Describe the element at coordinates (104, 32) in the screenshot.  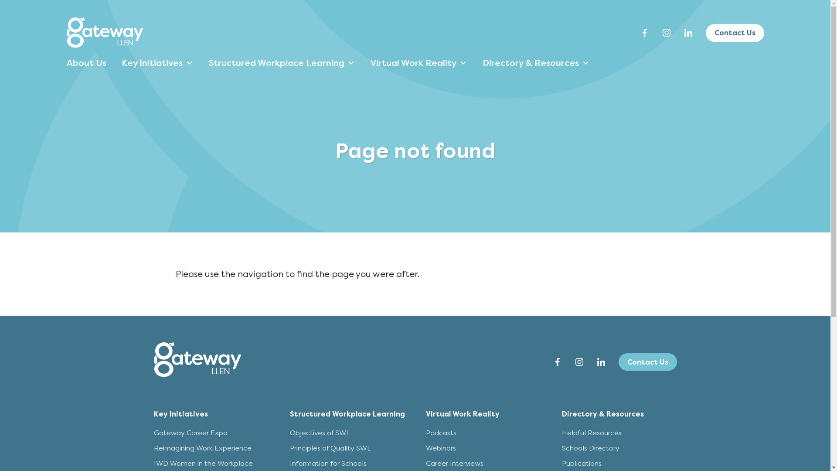
I see `'Gateway LLEN'` at that location.